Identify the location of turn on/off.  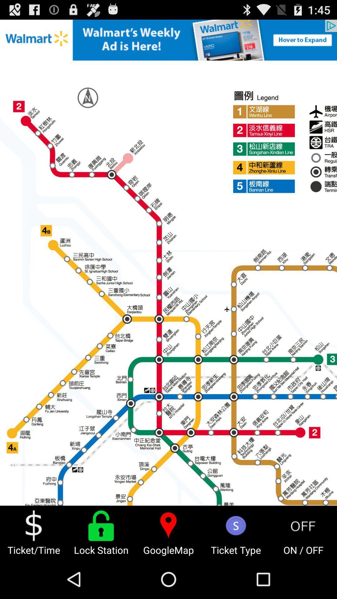
(303, 525).